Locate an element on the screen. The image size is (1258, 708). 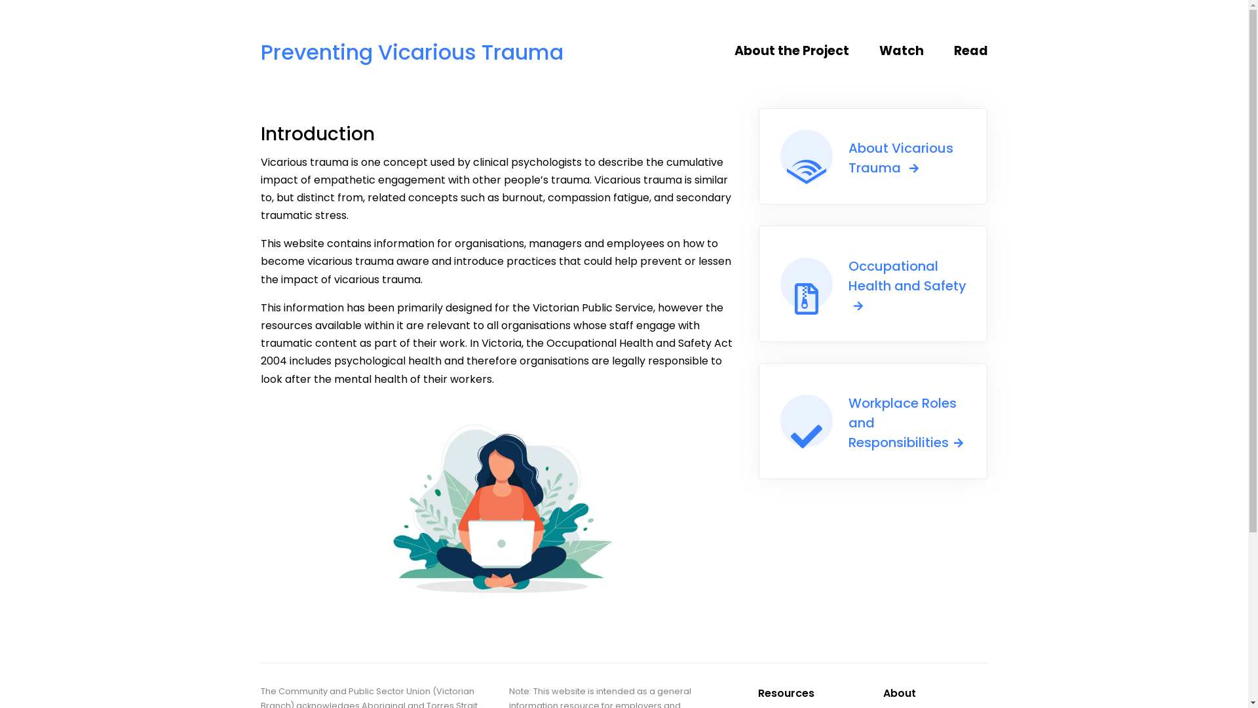
'About Vicarious Trauma' is located at coordinates (758, 155).